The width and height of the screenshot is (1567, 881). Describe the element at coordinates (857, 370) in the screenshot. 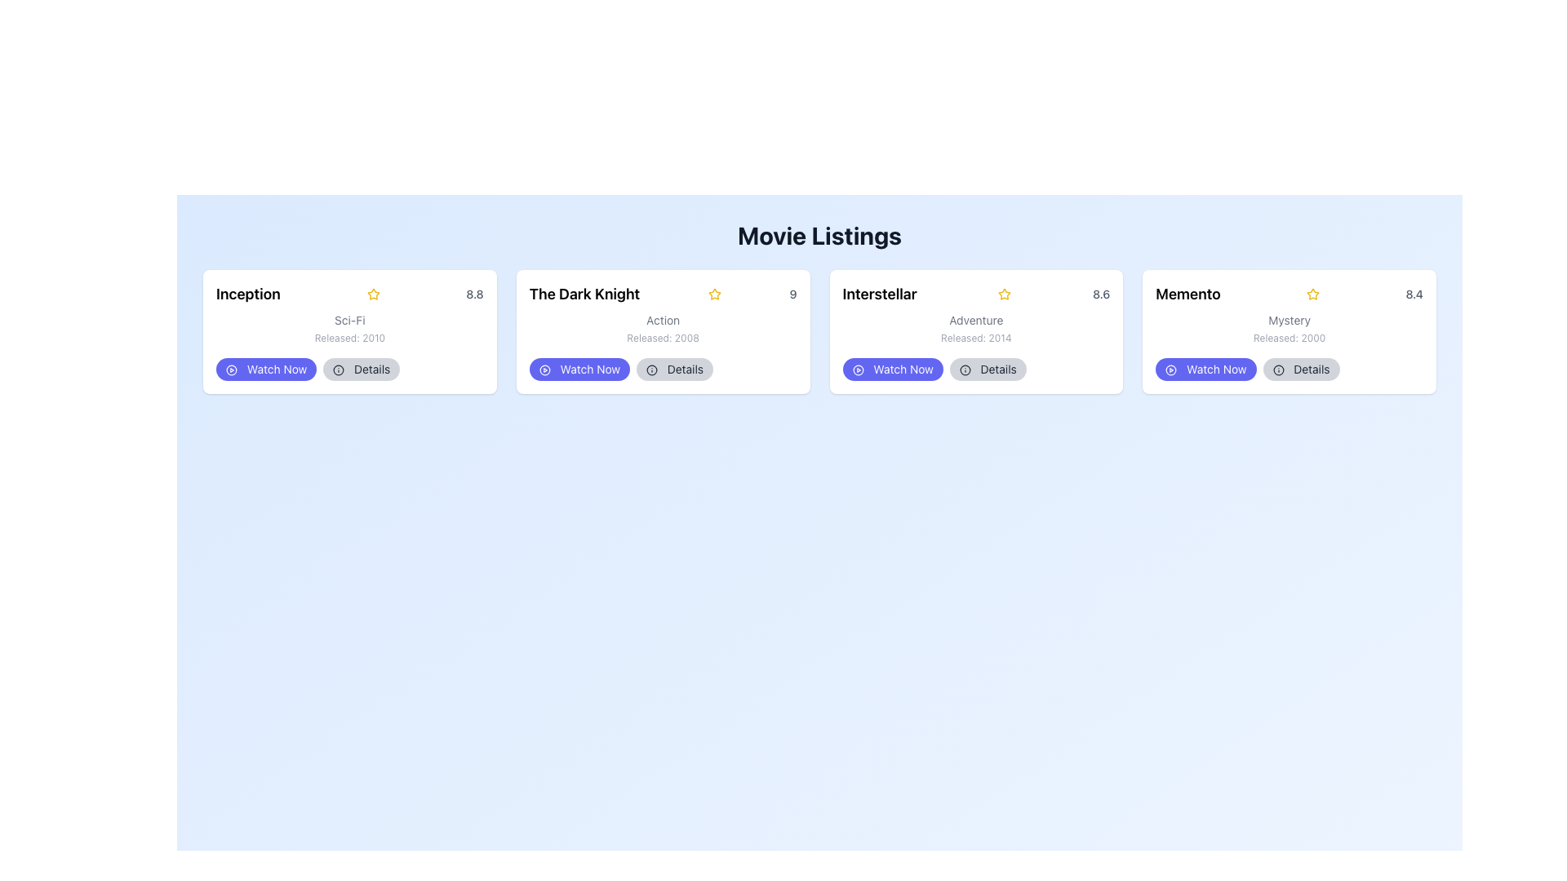

I see `the circular play icon with a triangular play symbol inside, which is located within the 'Watch Now' button for the movie card of 'Interstellar'` at that location.